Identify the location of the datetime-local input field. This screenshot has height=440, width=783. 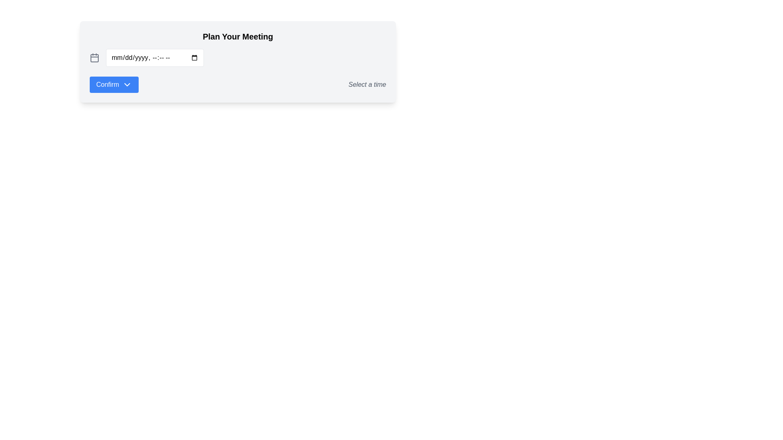
(155, 57).